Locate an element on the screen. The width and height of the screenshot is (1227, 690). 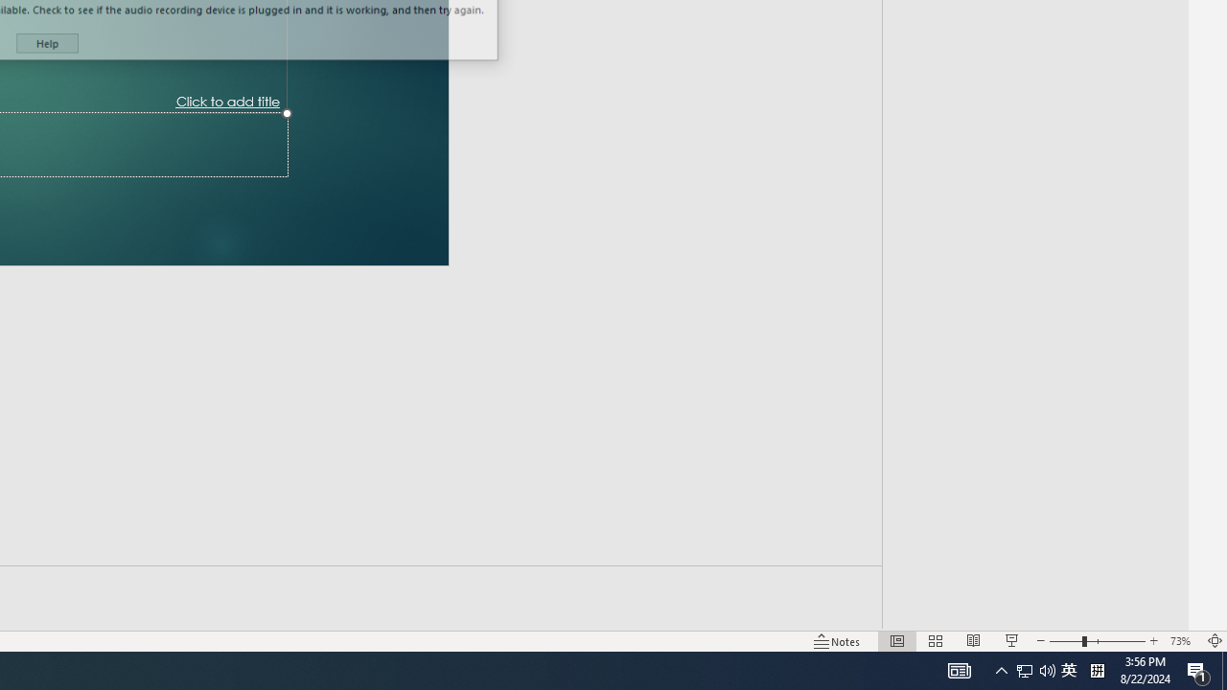
'Zoom 73%' is located at coordinates (1182, 641).